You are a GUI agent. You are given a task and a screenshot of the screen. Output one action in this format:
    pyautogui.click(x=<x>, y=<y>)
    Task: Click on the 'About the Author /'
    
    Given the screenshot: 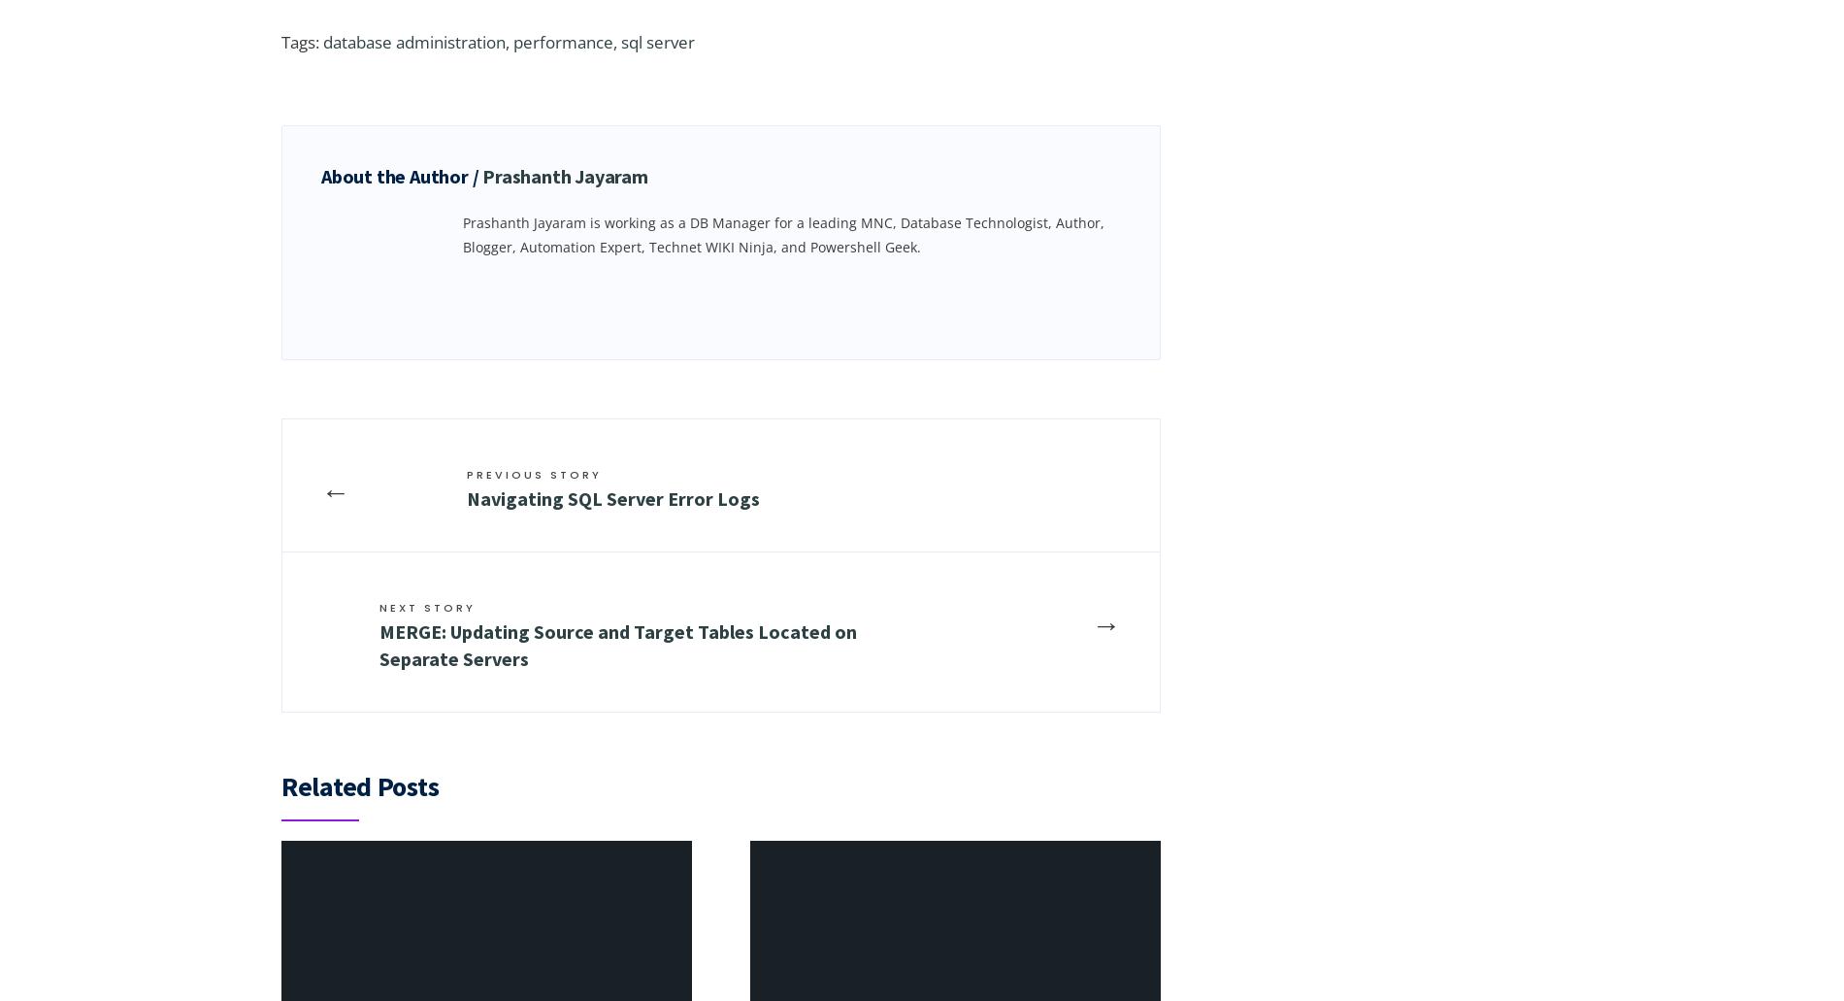 What is the action you would take?
    pyautogui.click(x=401, y=175)
    